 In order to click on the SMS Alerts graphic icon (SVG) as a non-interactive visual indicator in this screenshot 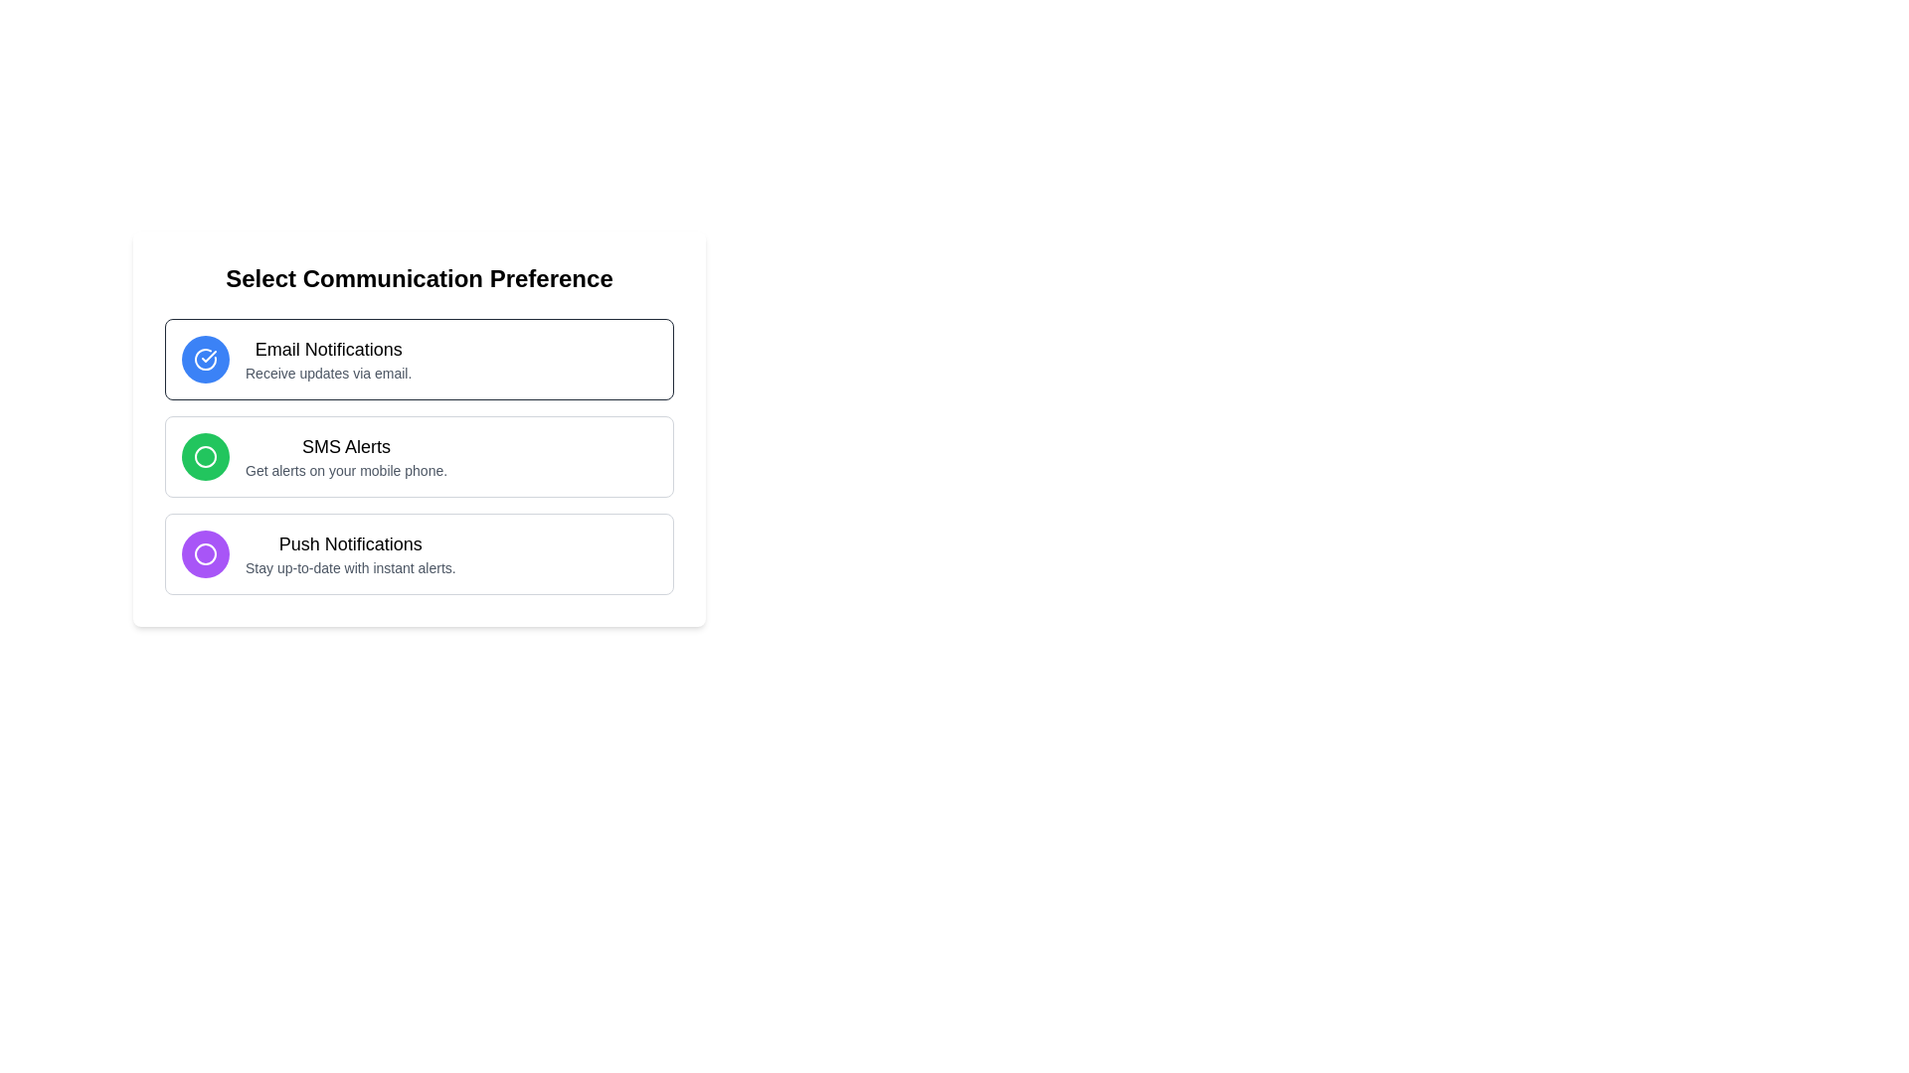, I will do `click(205, 456)`.